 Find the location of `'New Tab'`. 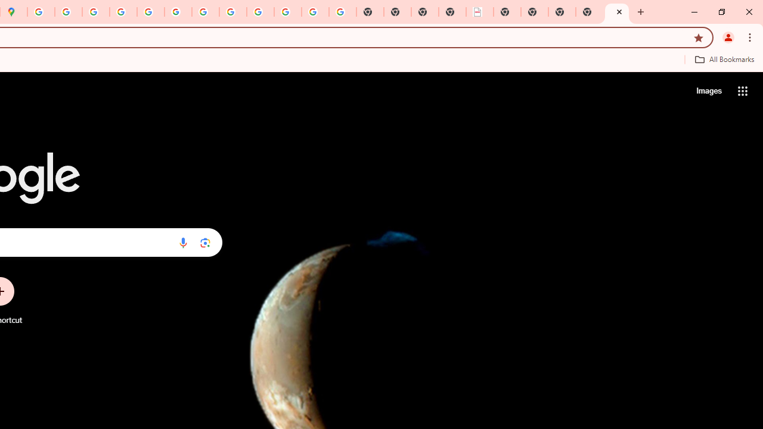

'New Tab' is located at coordinates (590, 12).